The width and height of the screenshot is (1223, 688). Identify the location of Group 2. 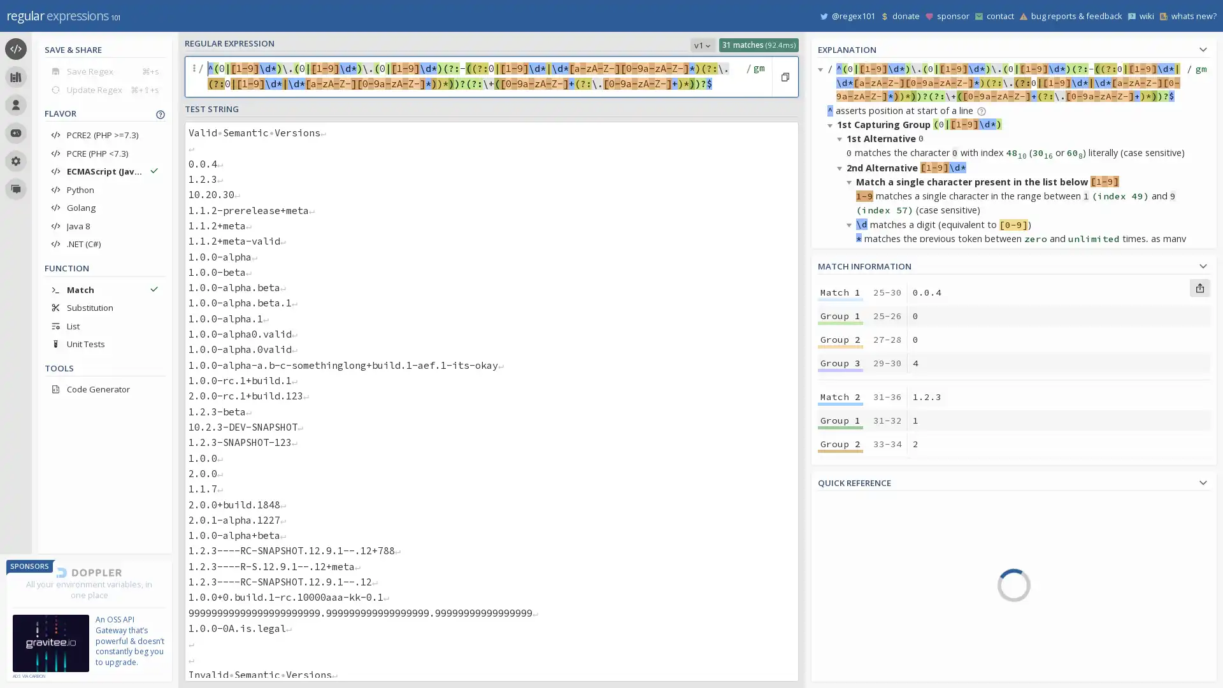
(840, 443).